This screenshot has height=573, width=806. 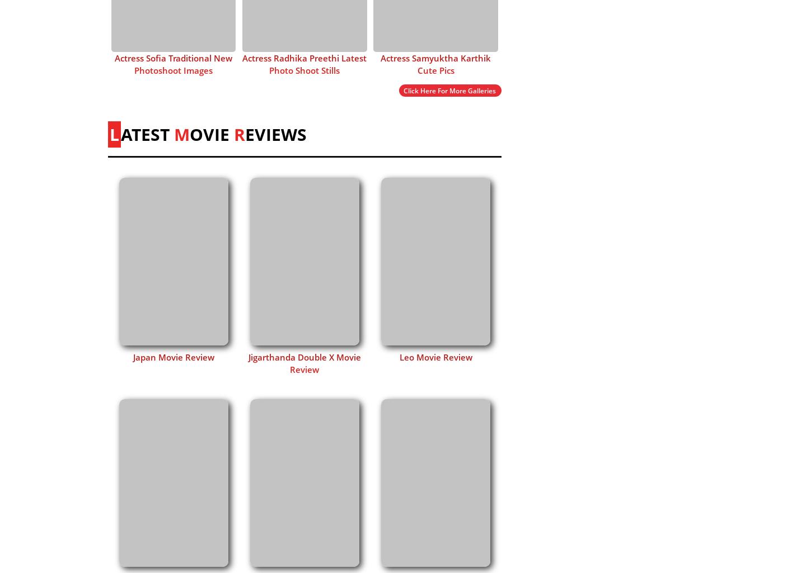 I want to click on 'ATEST', so click(x=147, y=133).